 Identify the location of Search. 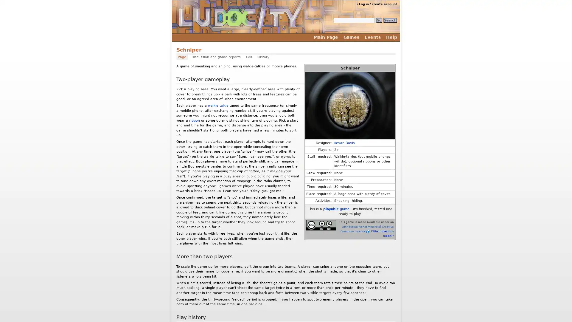
(390, 20).